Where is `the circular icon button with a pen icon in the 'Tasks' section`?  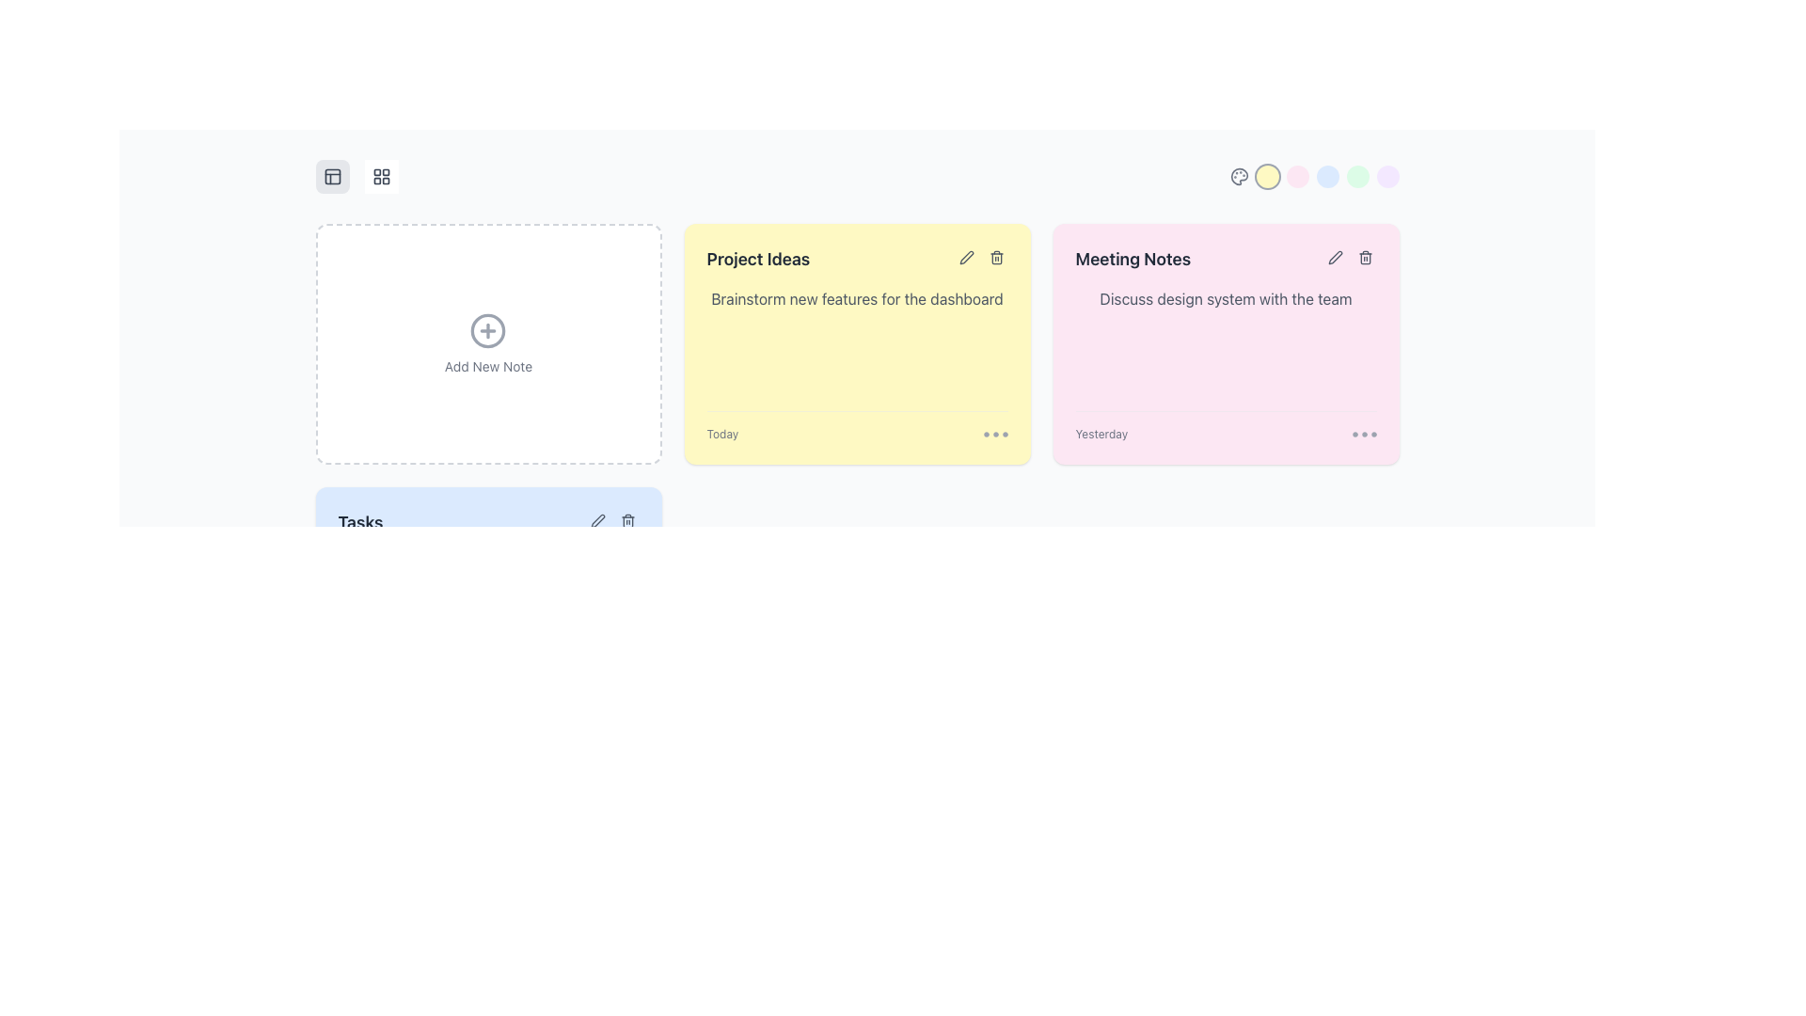 the circular icon button with a pen icon in the 'Tasks' section is located at coordinates (596, 521).